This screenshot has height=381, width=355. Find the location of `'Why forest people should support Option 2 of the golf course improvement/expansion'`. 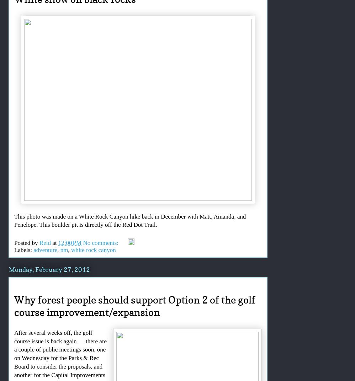

'Why forest people should support Option 2 of the golf course improvement/expansion' is located at coordinates (14, 305).